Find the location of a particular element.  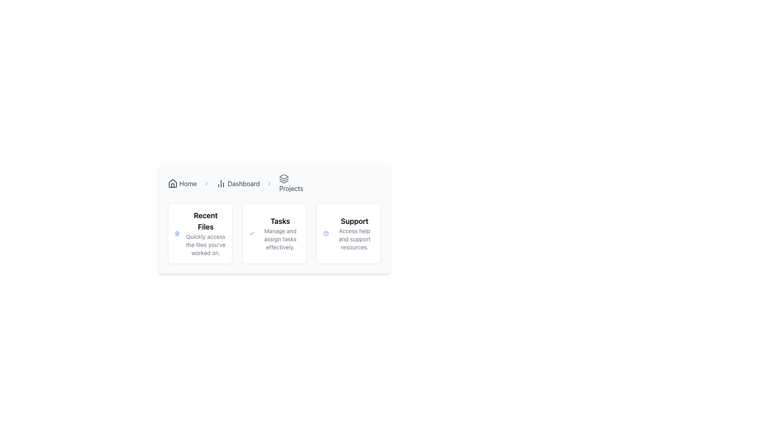

the file access icon located within the 'Recent Files' card beneath the breadcrumb navigation is located at coordinates (176, 233).